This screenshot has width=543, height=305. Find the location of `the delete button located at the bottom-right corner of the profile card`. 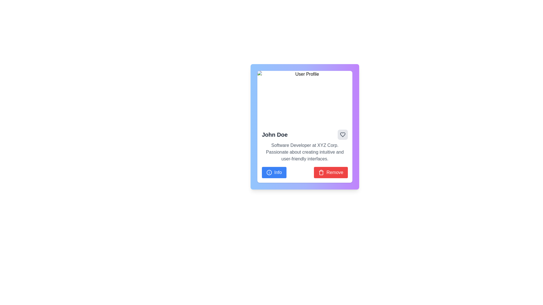

the delete button located at the bottom-right corner of the profile card is located at coordinates (331, 172).